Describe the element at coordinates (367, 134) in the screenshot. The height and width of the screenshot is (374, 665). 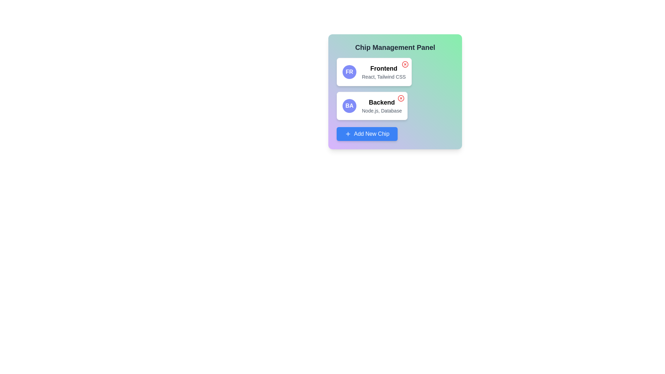
I see `'Add New Chip' button to add a new chip` at that location.